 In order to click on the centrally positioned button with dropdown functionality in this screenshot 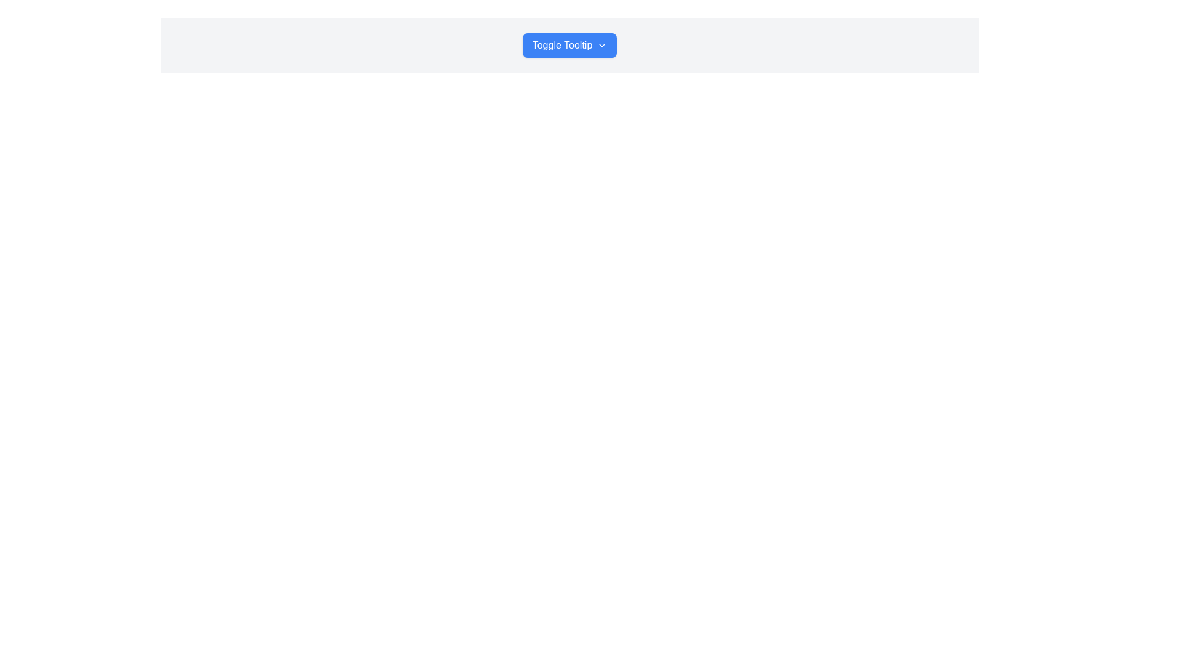, I will do `click(569, 44)`.